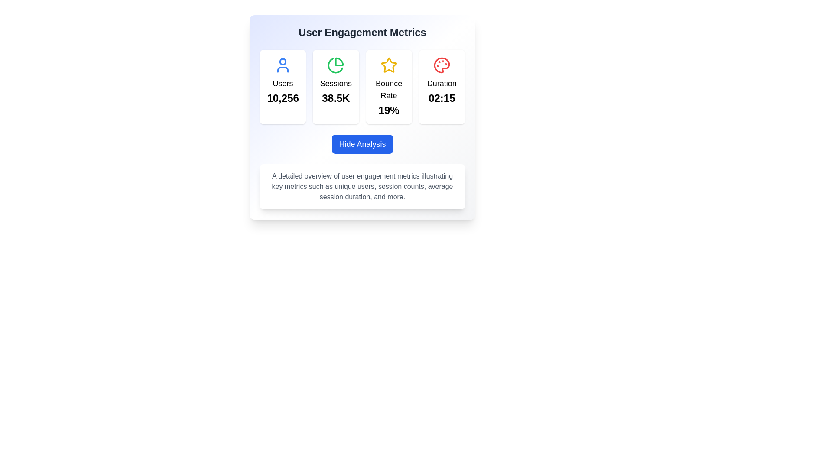 The width and height of the screenshot is (832, 468). What do you see at coordinates (442, 98) in the screenshot?
I see `the text display showing '02:15' located under the label 'Duration' in the fourth metrics card of 'User Engagement Metrics'` at bounding box center [442, 98].